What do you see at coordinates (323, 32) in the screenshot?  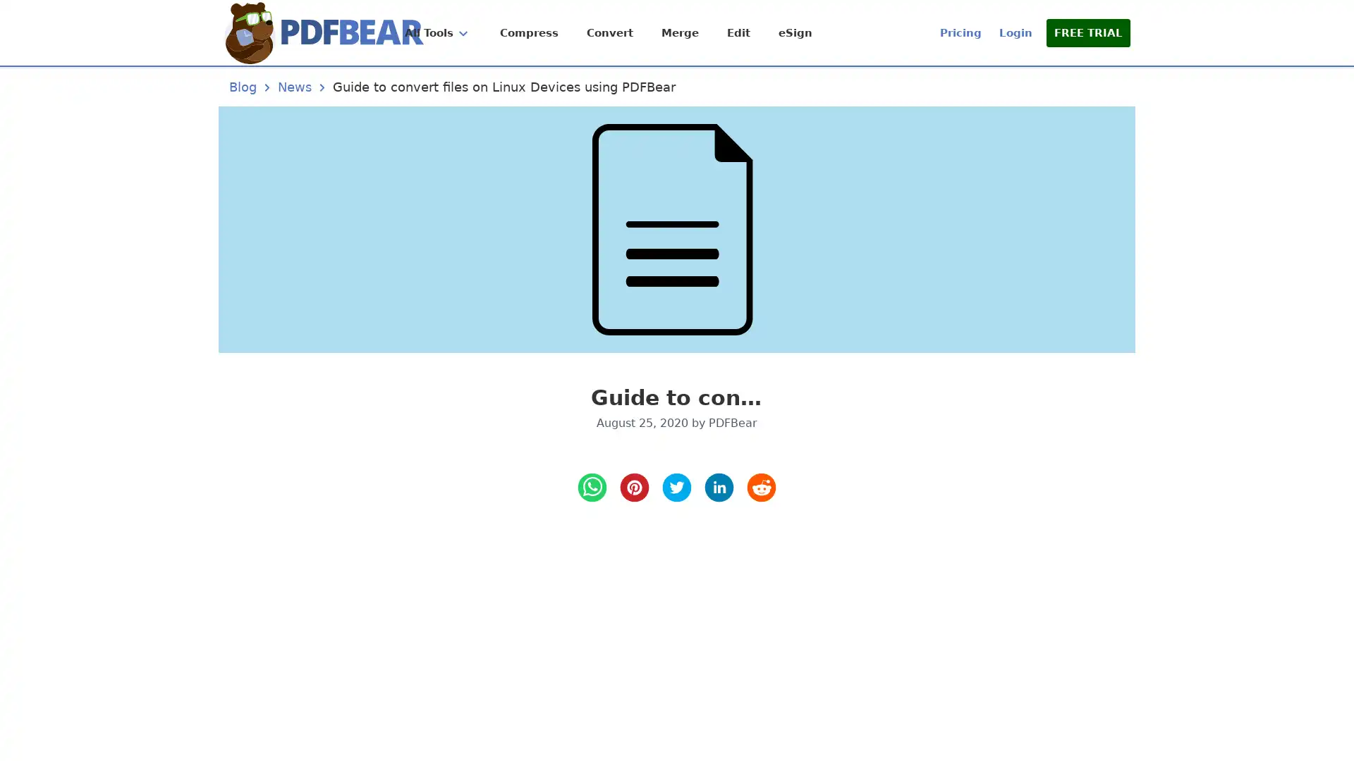 I see `Home Page` at bounding box center [323, 32].